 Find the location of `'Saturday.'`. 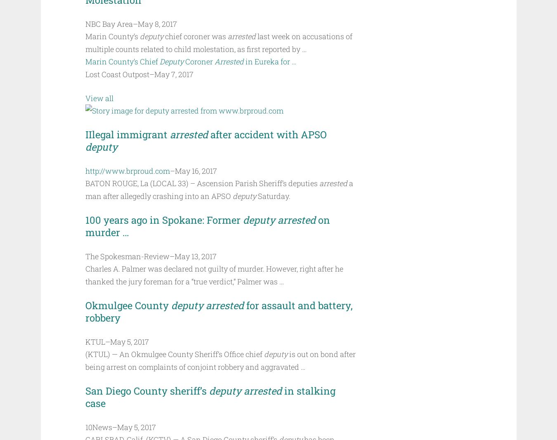

'Saturday.' is located at coordinates (273, 196).